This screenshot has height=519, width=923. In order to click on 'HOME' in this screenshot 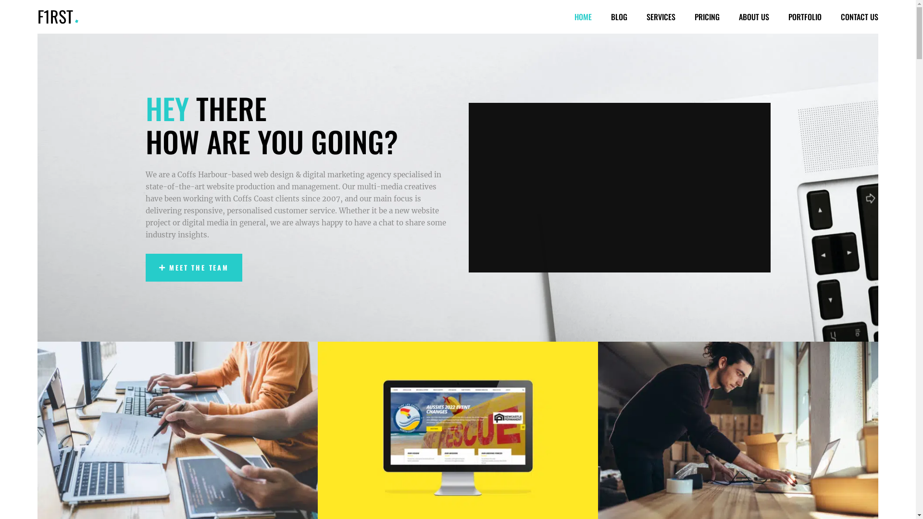, I will do `click(565, 16)`.